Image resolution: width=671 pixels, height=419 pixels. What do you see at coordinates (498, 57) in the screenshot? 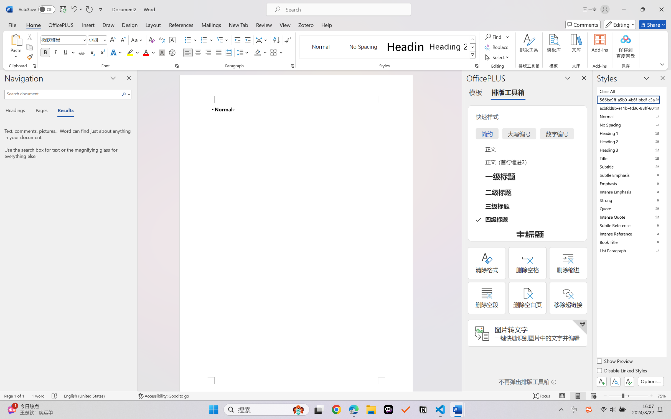
I see `'Select'` at bounding box center [498, 57].